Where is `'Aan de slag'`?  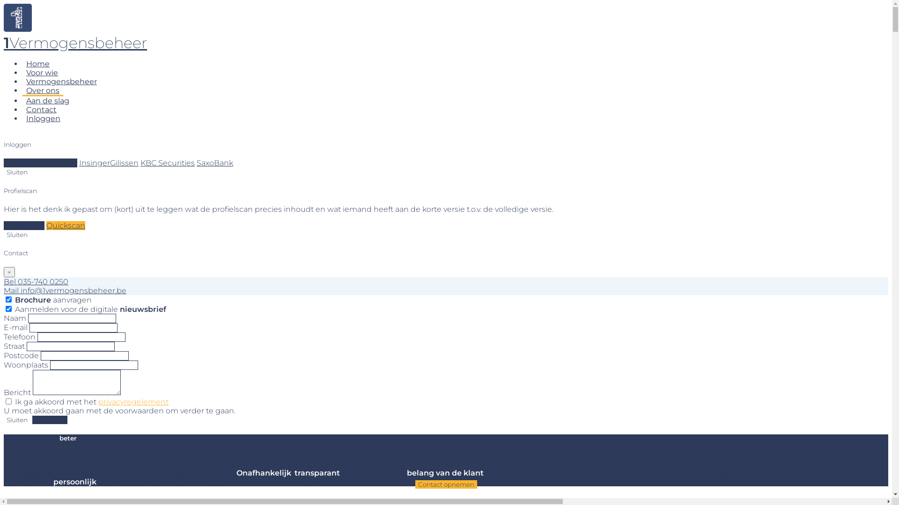 'Aan de slag' is located at coordinates (22, 101).